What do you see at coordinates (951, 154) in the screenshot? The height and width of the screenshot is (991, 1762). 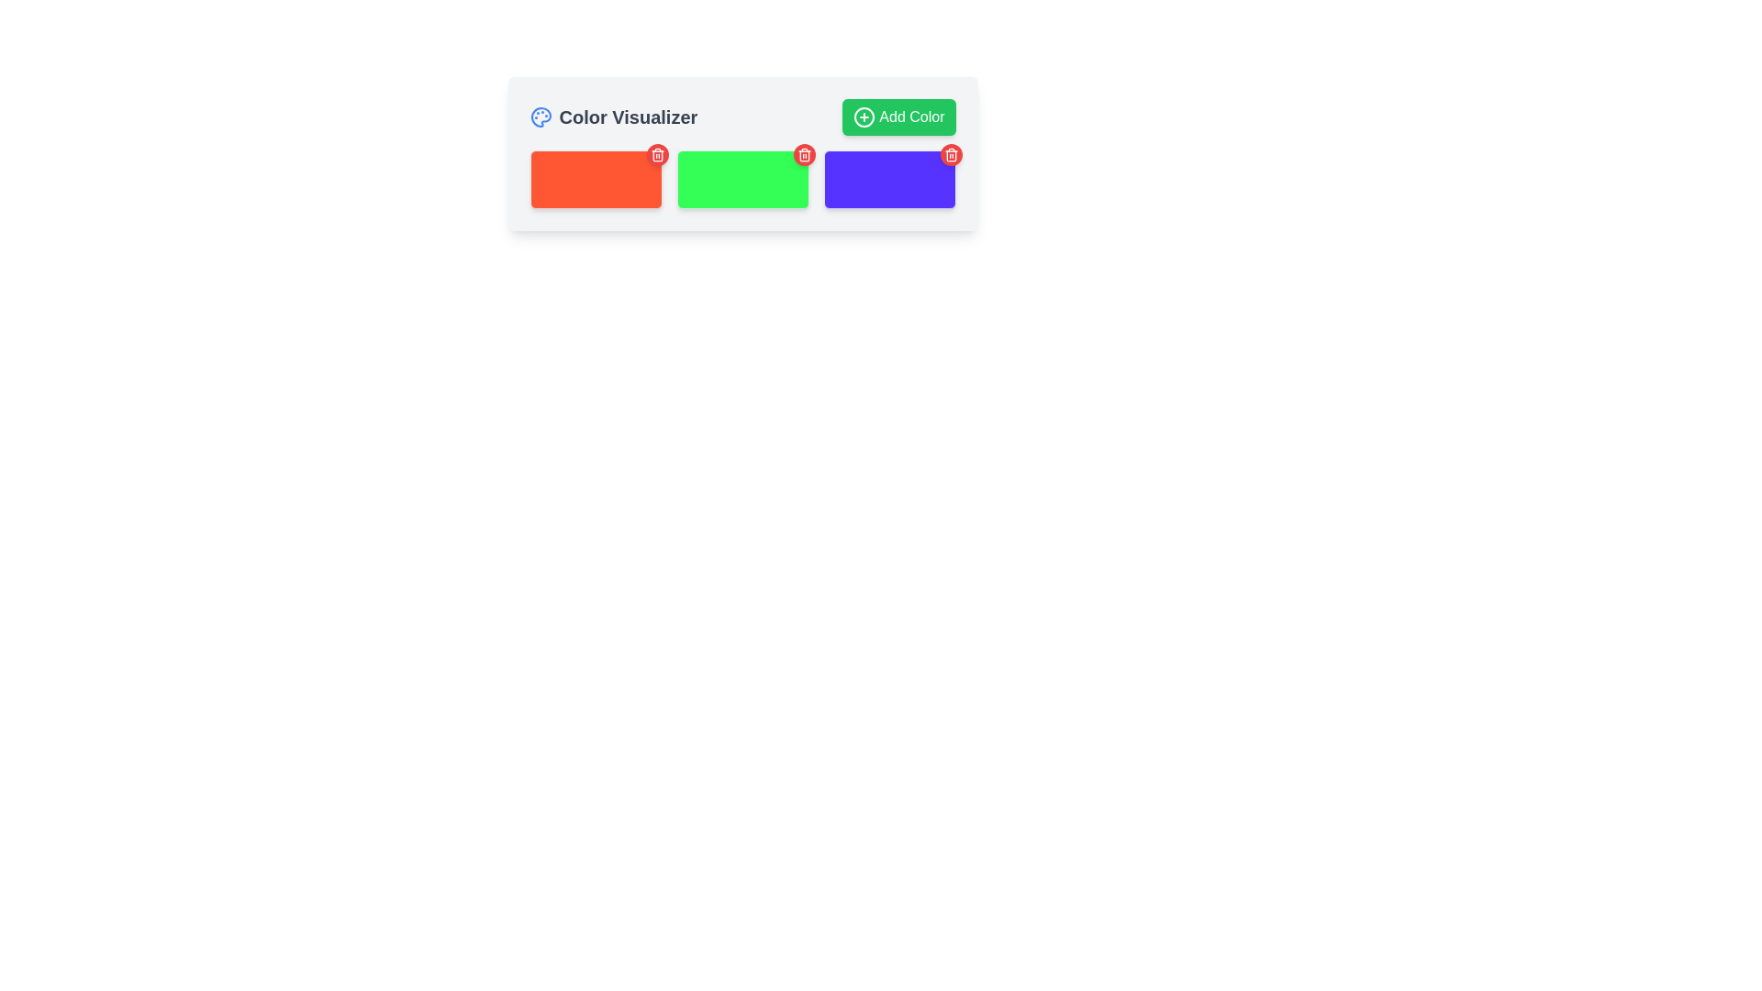 I see `the third delete button, which is a circular red icon with a white trash can symbol located at the top right of the blue rectangular card` at bounding box center [951, 154].